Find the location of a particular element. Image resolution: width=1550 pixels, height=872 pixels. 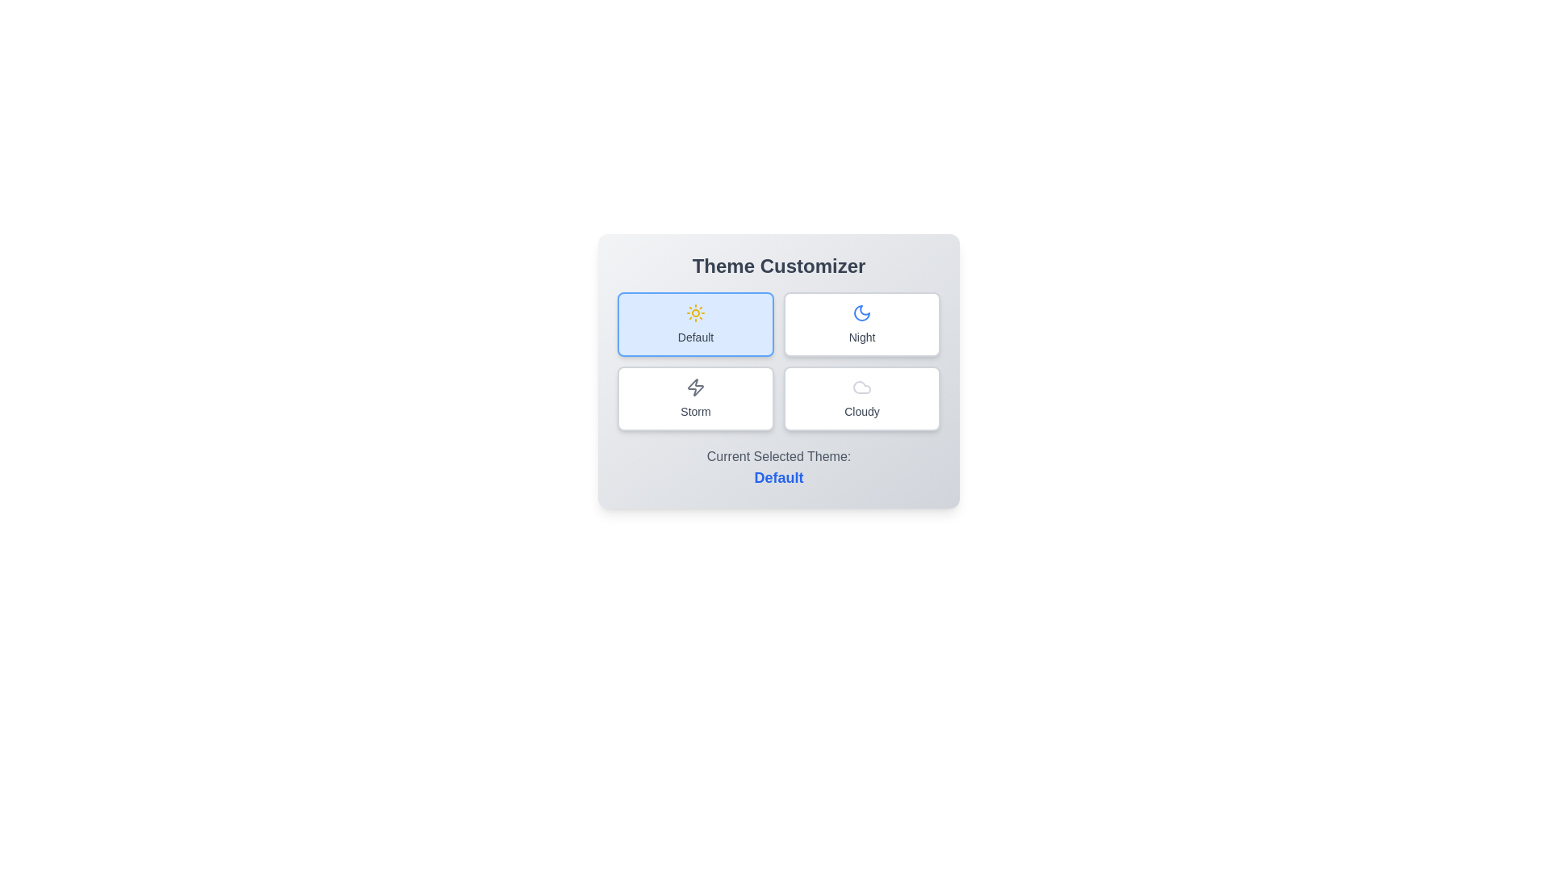

the icon of the Night theme button is located at coordinates (861, 313).